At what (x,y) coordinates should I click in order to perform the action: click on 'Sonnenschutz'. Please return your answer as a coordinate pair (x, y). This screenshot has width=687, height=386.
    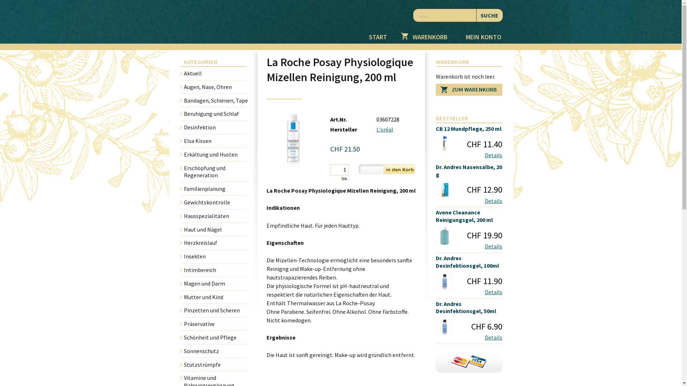
    Looking at the image, I should click on (215, 351).